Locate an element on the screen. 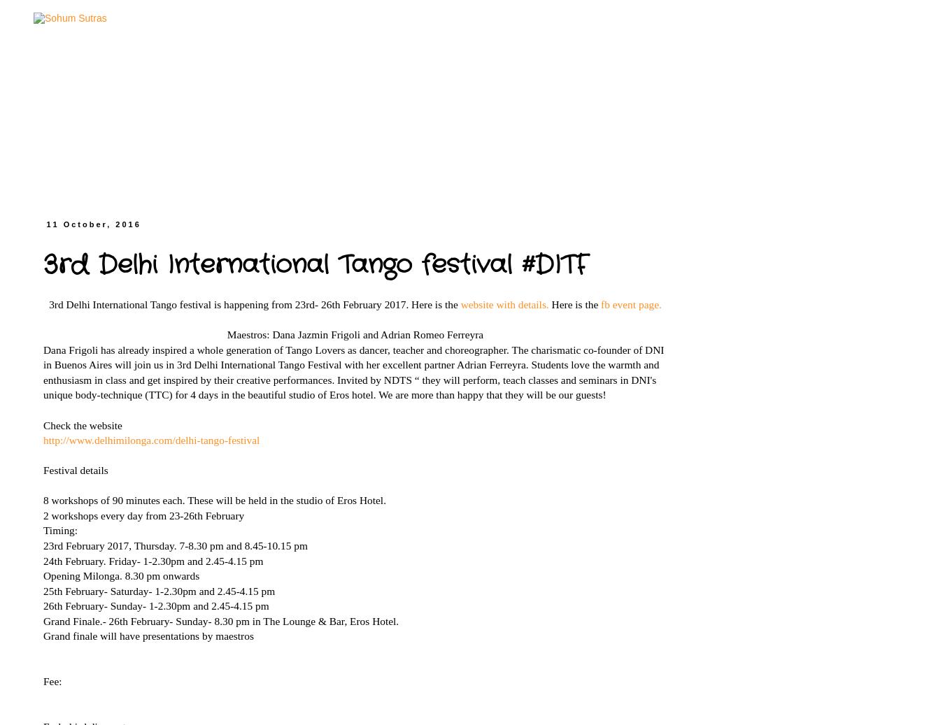  'Dana Frigoli has already inspired a whole generation of Tango Lovers as dancer, teacher and choreographer. The charismatic co-founder of DNI in Buenos Aires will join us in 3rd Delhi International Tango Festival with her excellent partner Adrian Ferreyra. Students love the warmth and enthusiasm in class and get inspired by their creative performances. Invited by NDTS “ they will perform, teach classes and seminars in DNI's unique body-technique (TTC) for 4 days in the beautiful studio of Eros hotel. We are more than happy that they will be our guests!' is located at coordinates (43, 371).